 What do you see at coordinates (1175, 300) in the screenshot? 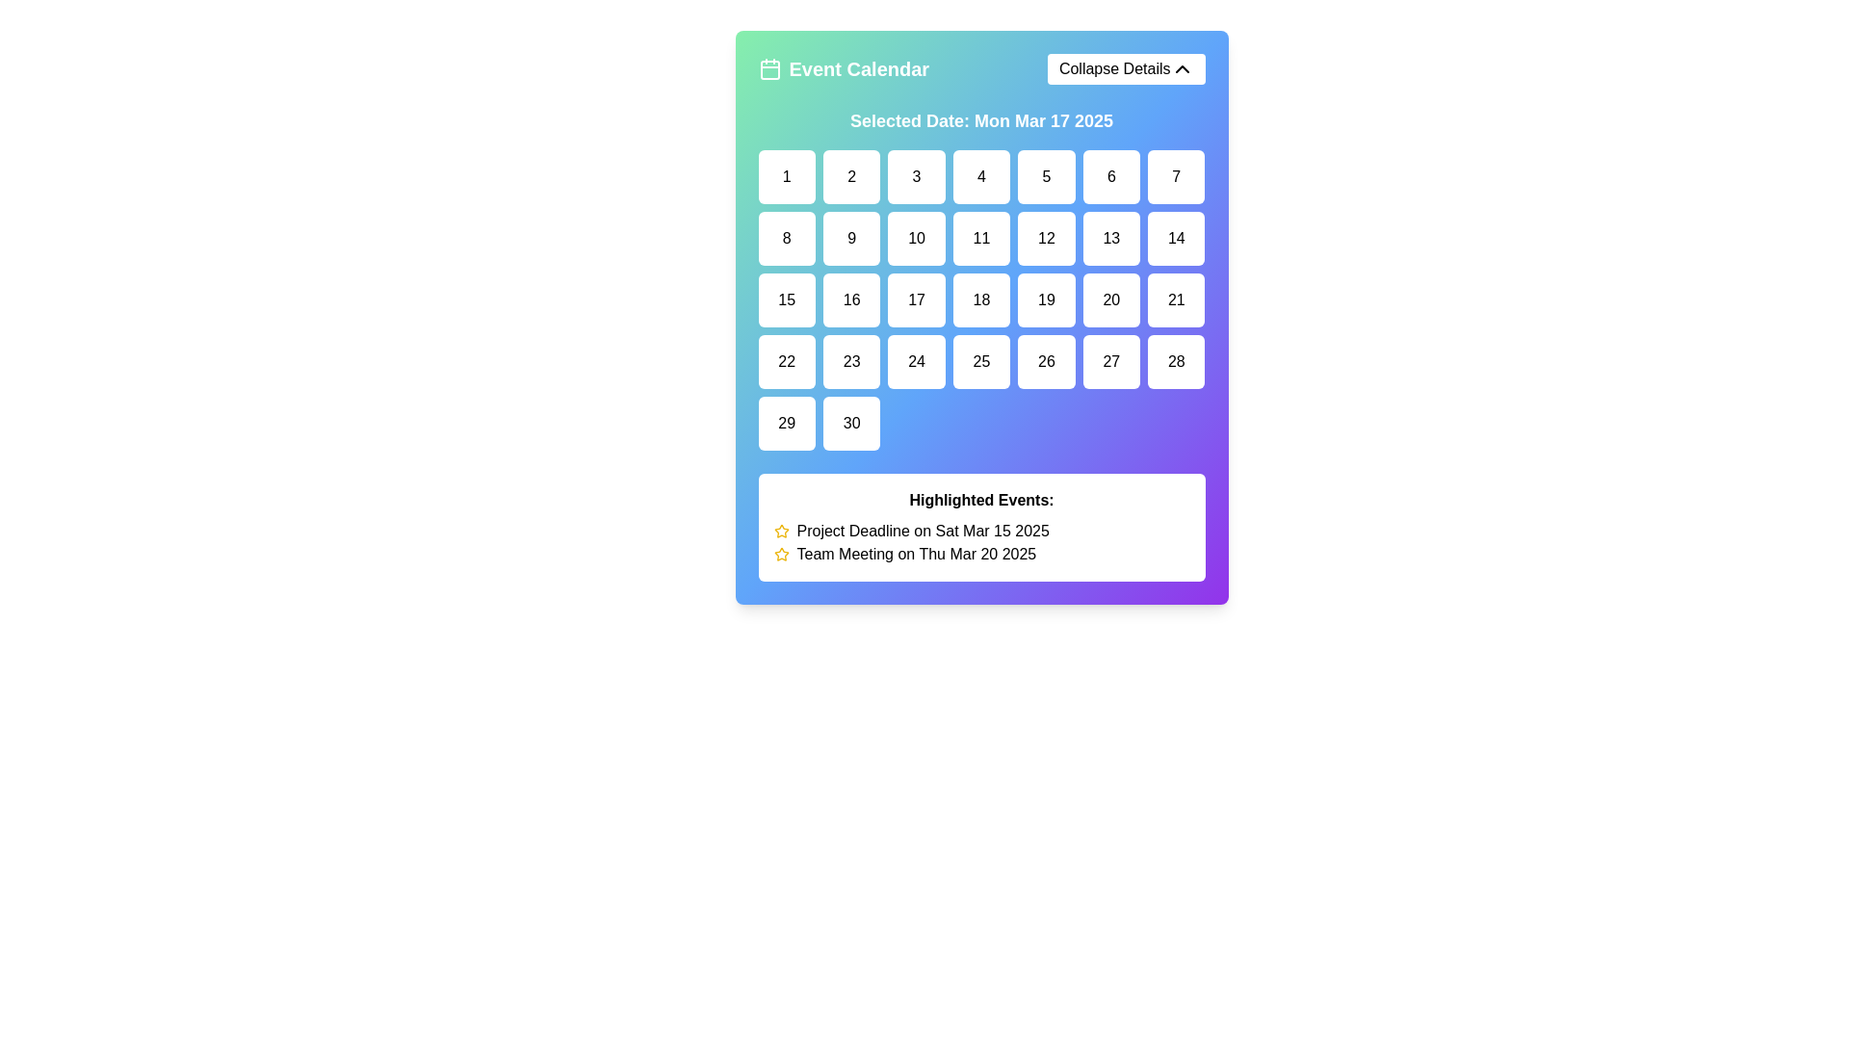
I see `the button displaying the number '21', which is a rounded square button with a white background and black text, located in the last column of the third row of the grid layout` at bounding box center [1175, 300].